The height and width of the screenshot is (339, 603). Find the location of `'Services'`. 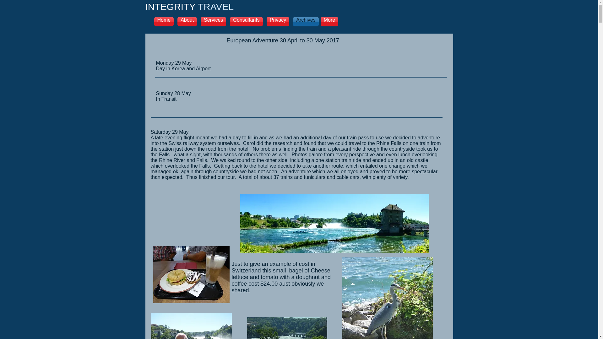

'Services' is located at coordinates (213, 21).